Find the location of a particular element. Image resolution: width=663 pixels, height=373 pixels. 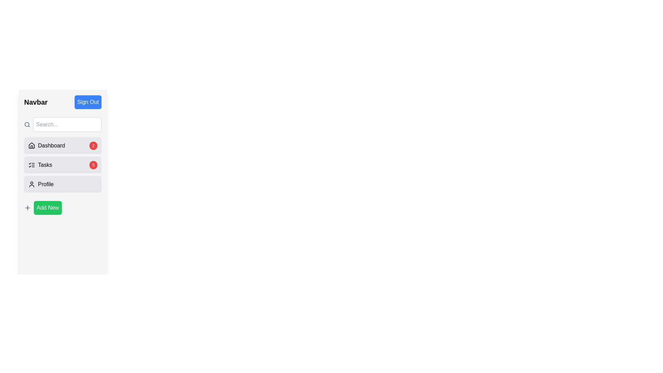

the 'Tasks' navigation item in the sidebar to switch sections is located at coordinates (63, 166).